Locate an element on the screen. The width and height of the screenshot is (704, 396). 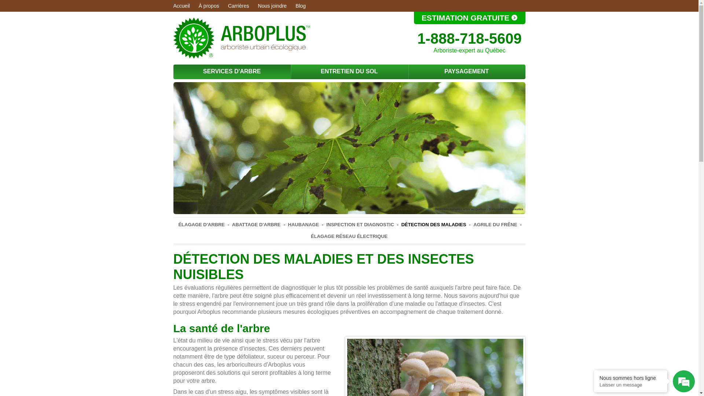
'ABATTAGE D'ARBRE' is located at coordinates (256, 224).